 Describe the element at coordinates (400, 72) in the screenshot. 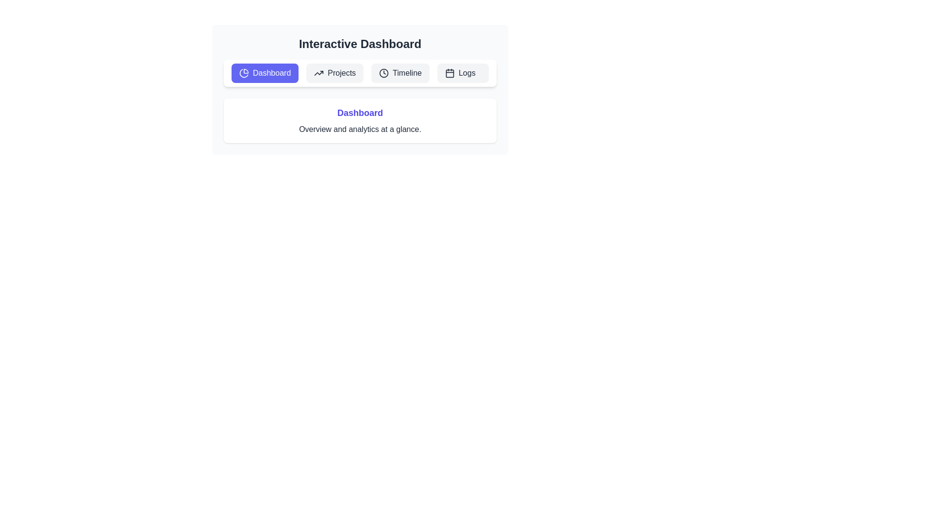

I see `the 'Timeline' navigation button, which is the third button from the left in a group of four, to observe visual feedback` at that location.